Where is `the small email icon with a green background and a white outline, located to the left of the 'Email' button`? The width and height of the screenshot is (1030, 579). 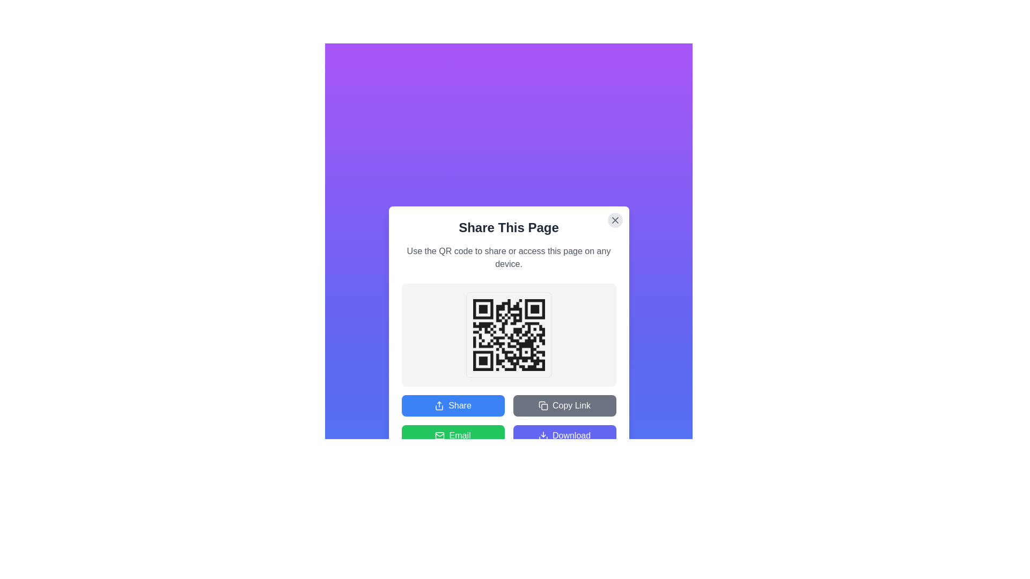 the small email icon with a green background and a white outline, located to the left of the 'Email' button is located at coordinates (440, 436).